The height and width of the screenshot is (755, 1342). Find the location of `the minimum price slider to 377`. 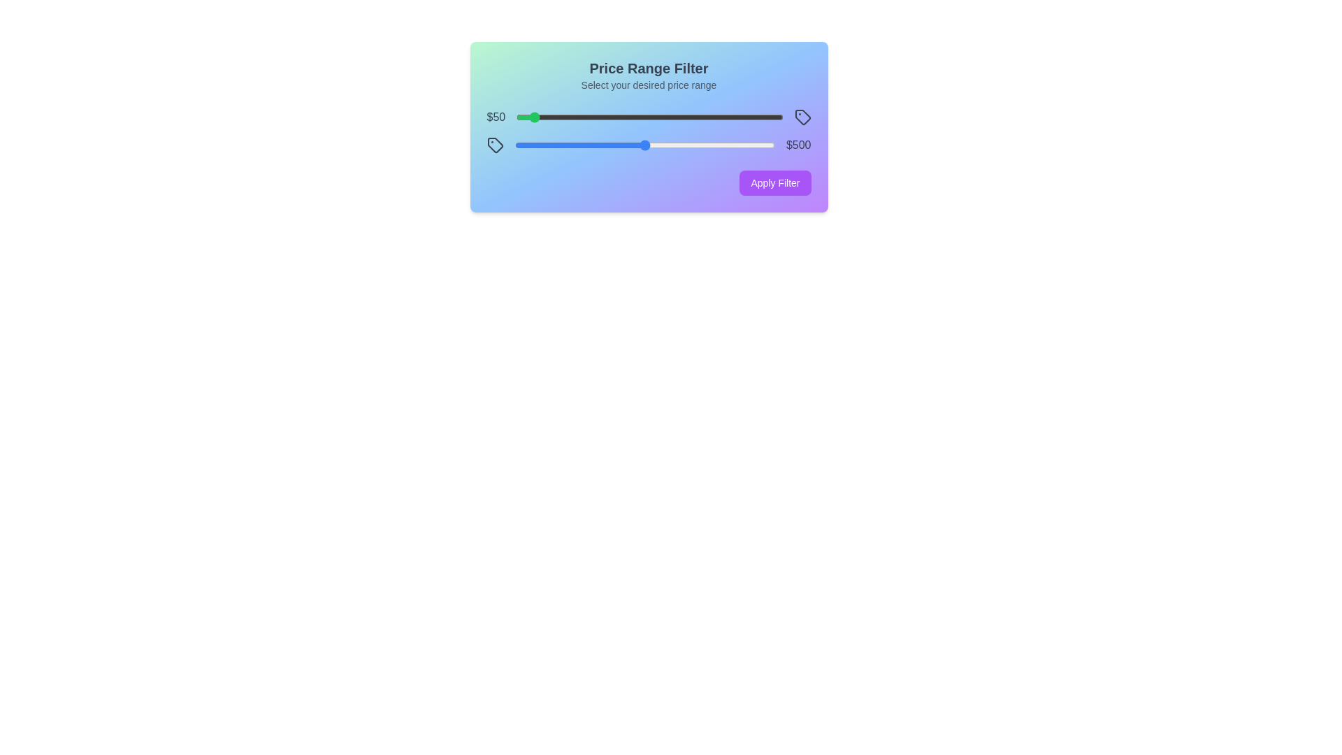

the minimum price slider to 377 is located at coordinates (616, 117).